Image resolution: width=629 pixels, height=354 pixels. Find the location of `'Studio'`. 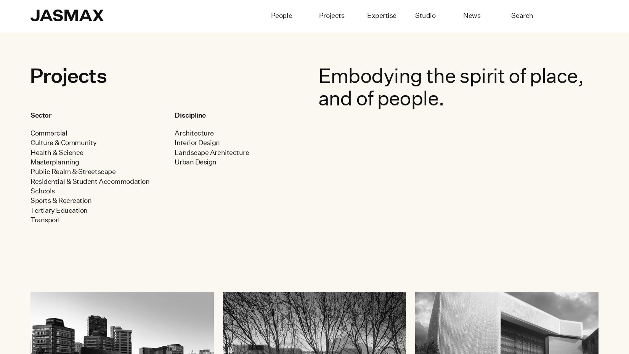

'Studio' is located at coordinates (425, 15).